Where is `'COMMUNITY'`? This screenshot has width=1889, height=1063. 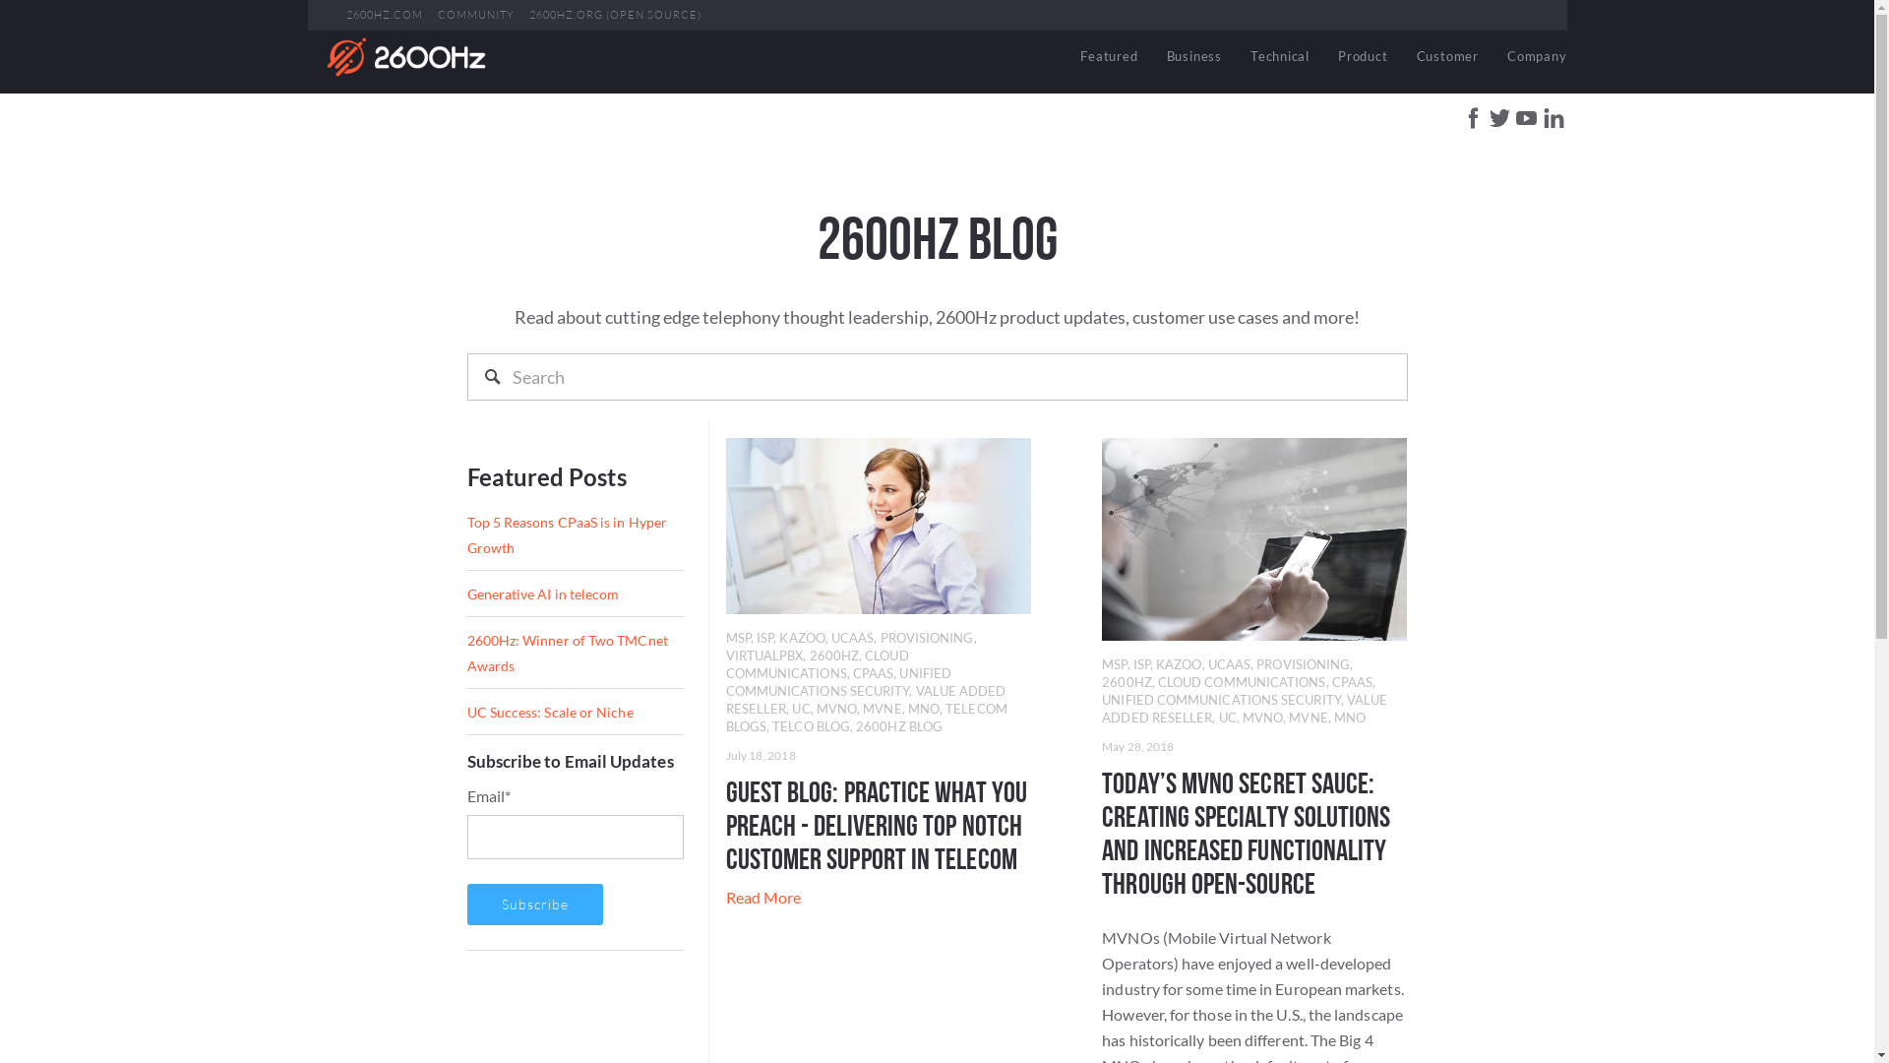 'COMMUNITY' is located at coordinates (475, 15).